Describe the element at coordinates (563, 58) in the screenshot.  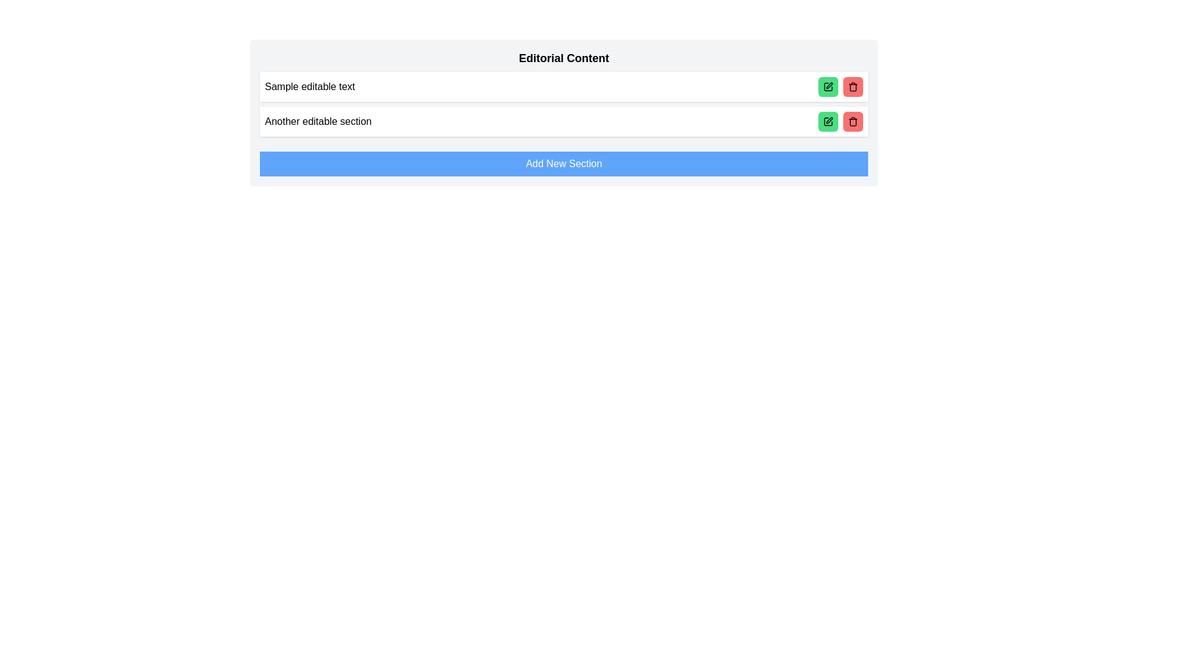
I see `the 'Editorial Content' heading` at that location.